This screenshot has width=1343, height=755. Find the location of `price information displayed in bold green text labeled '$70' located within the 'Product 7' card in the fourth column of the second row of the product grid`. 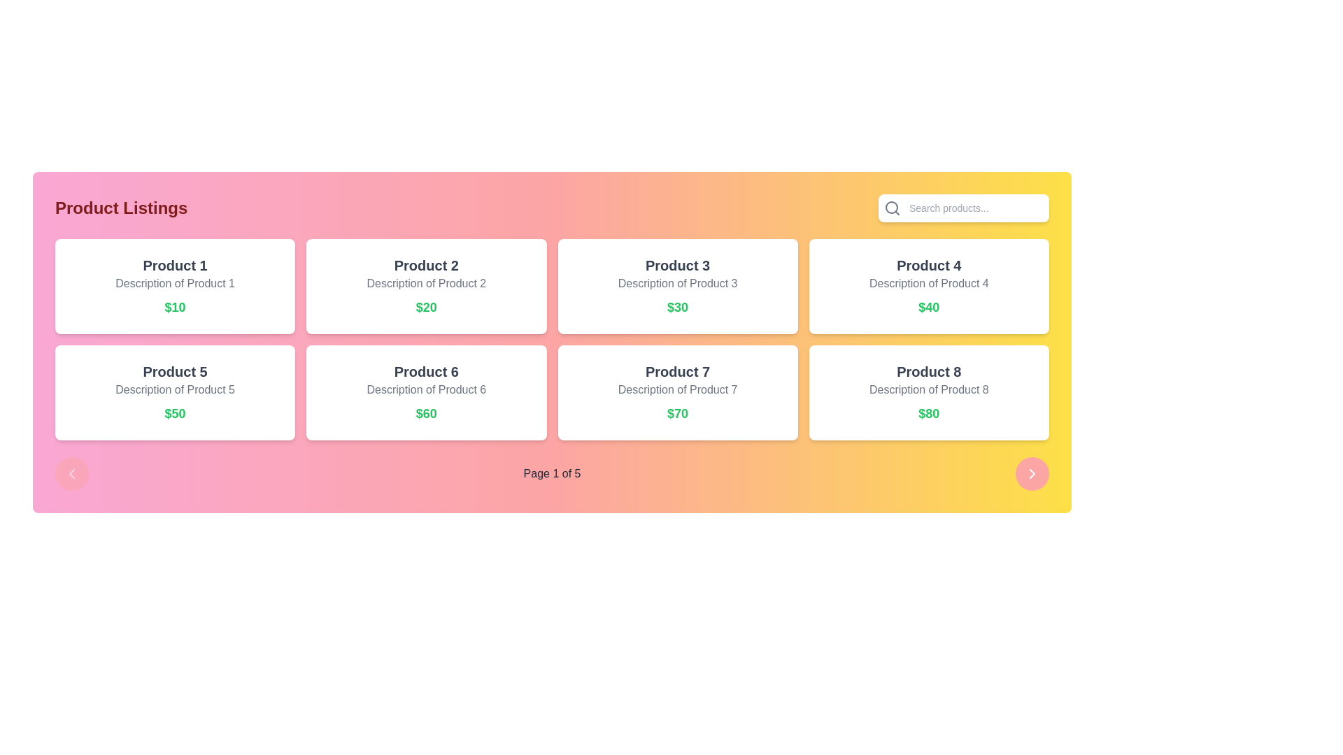

price information displayed in bold green text labeled '$70' located within the 'Product 7' card in the fourth column of the second row of the product grid is located at coordinates (678, 412).